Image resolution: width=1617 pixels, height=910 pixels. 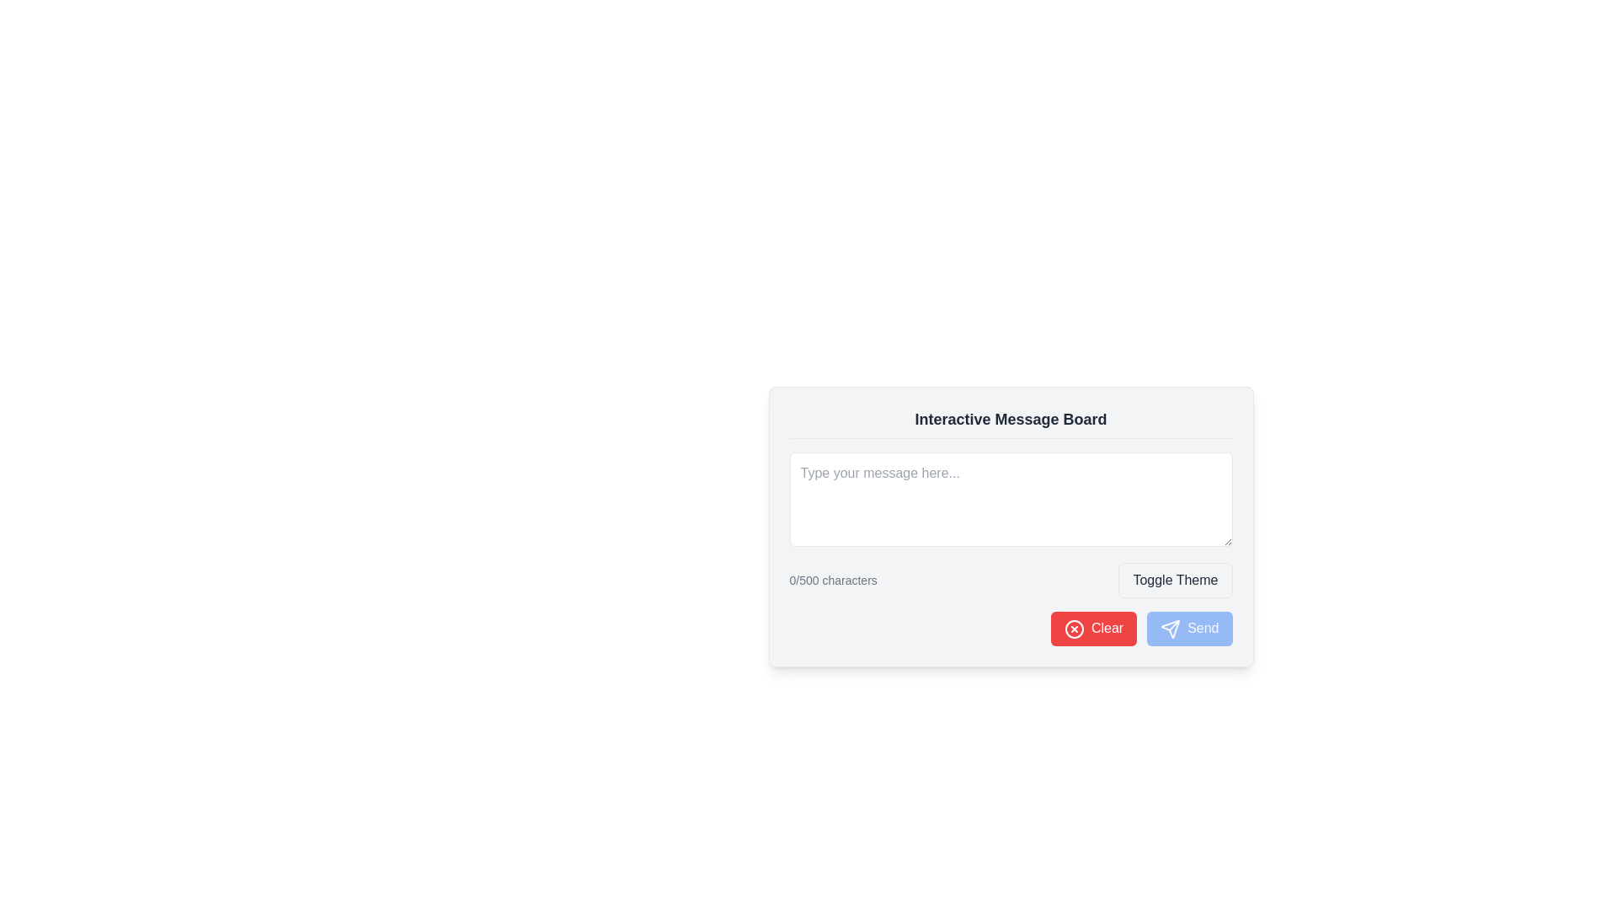 What do you see at coordinates (1094, 628) in the screenshot?
I see `the red rectangular button with rounded corners labeled 'Clear'` at bounding box center [1094, 628].